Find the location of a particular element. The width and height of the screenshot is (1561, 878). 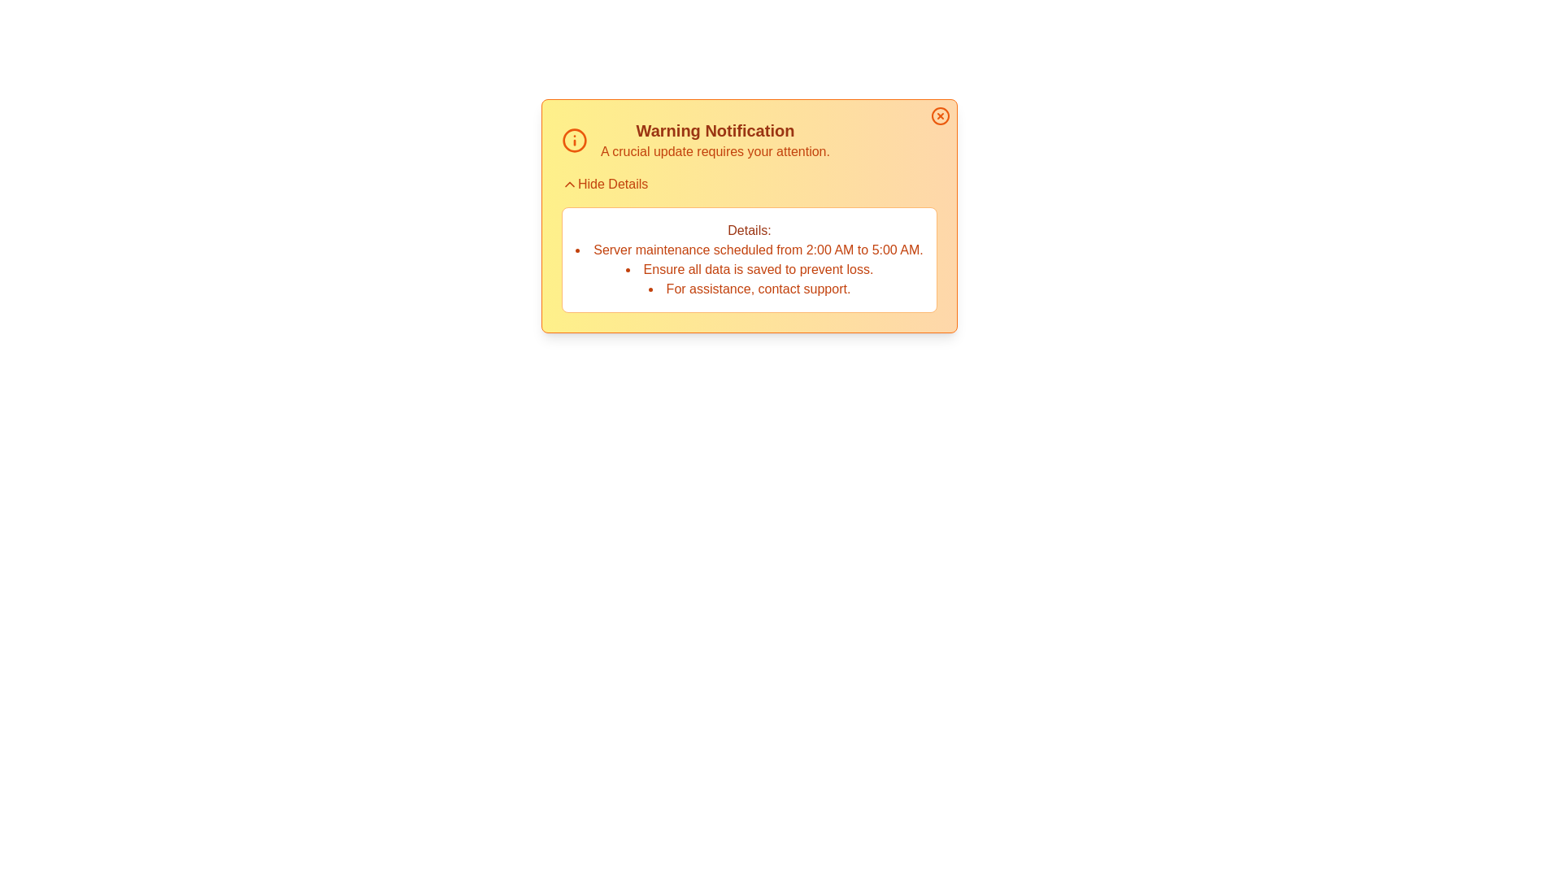

the 'Hide Details' button to toggle the visibility of the details section is located at coordinates (604, 184).